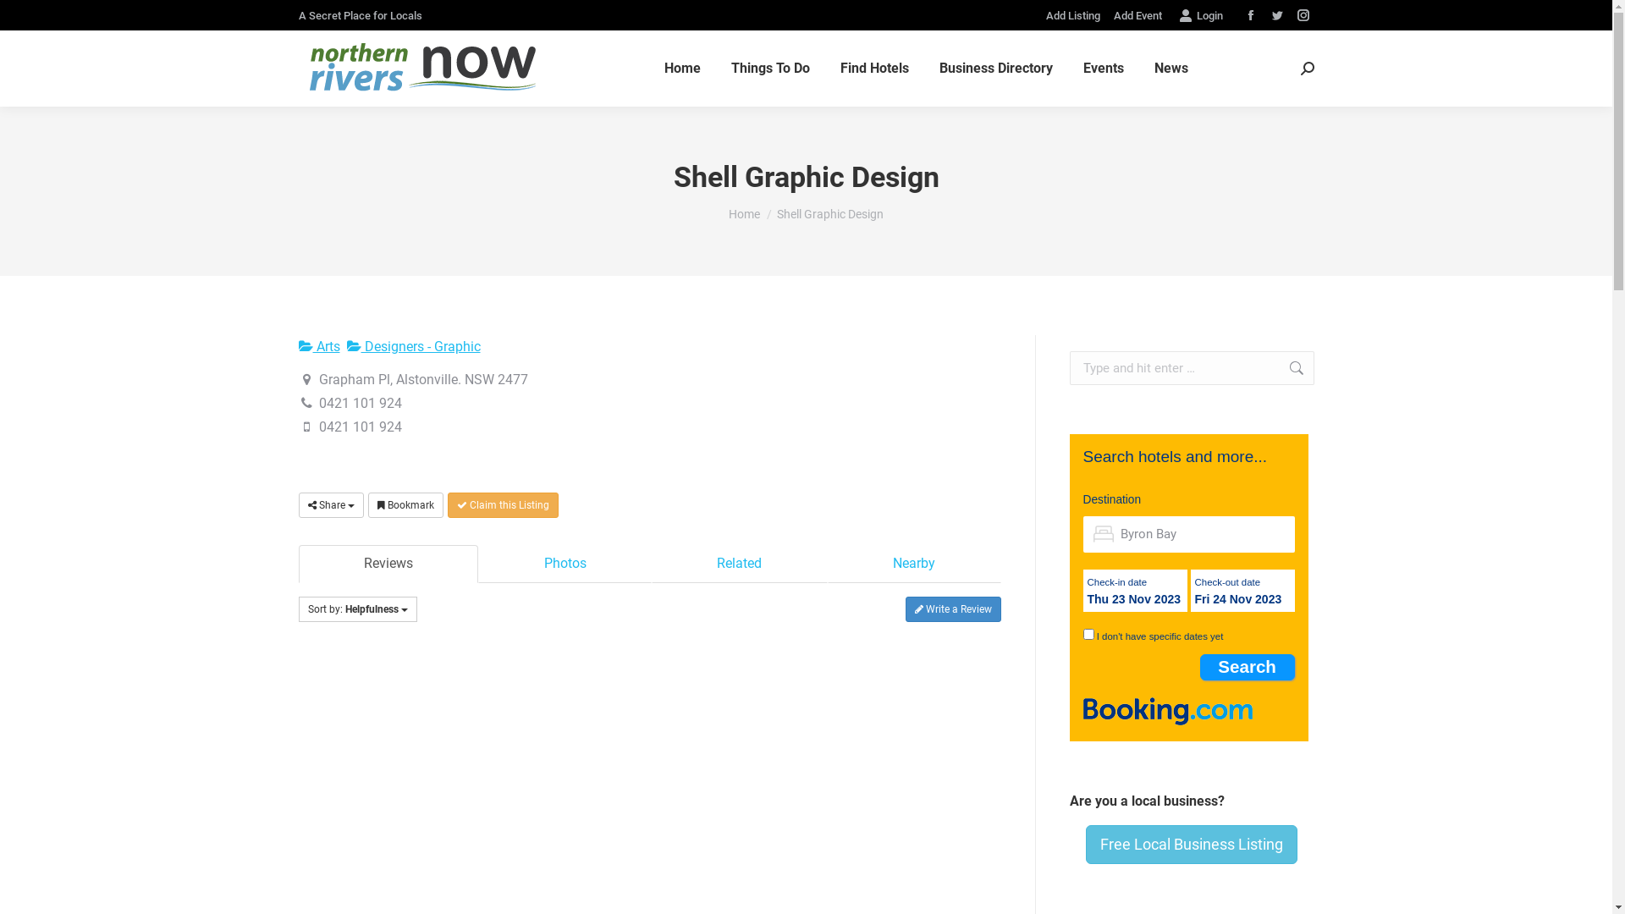 The height and width of the screenshot is (914, 1625). I want to click on 'Sort by: Helpfulness', so click(356, 609).